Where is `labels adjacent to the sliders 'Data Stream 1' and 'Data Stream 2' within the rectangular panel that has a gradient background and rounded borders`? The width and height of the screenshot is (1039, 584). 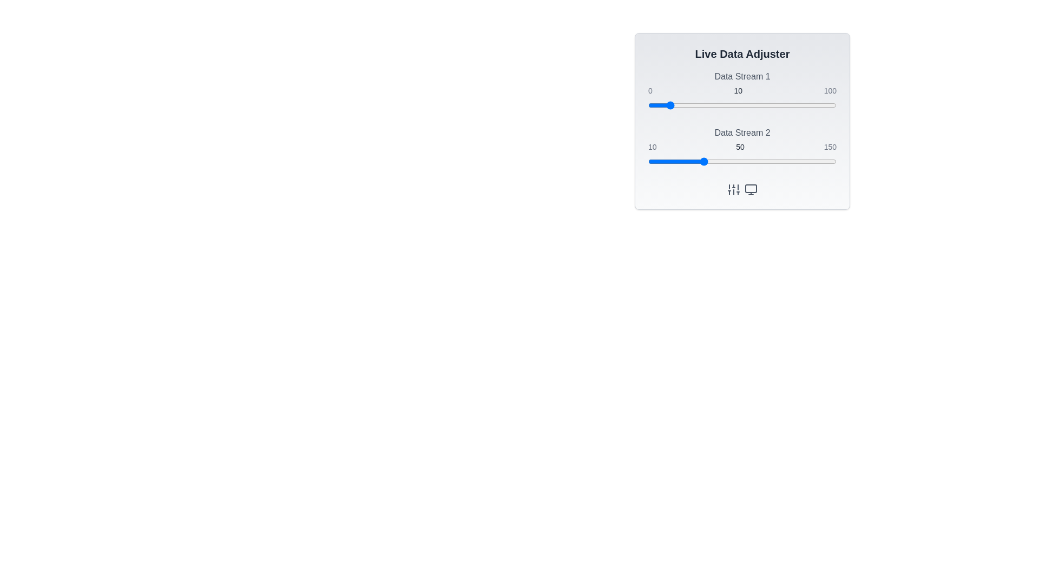 labels adjacent to the sliders 'Data Stream 1' and 'Data Stream 2' within the rectangular panel that has a gradient background and rounded borders is located at coordinates (742, 121).